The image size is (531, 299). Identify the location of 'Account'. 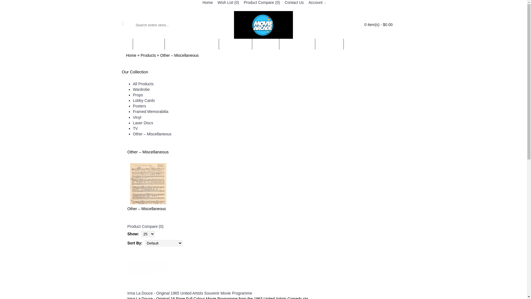
(316, 3).